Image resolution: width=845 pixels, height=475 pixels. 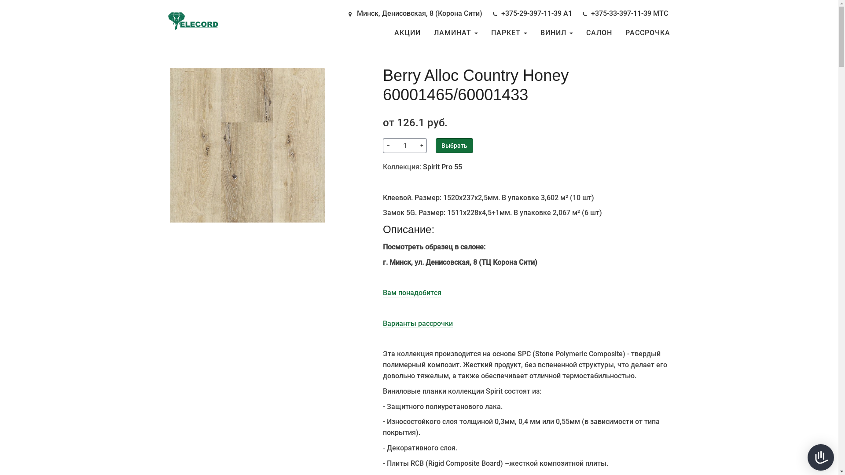 What do you see at coordinates (500, 13) in the screenshot?
I see `'+375-29-397-11-39'` at bounding box center [500, 13].